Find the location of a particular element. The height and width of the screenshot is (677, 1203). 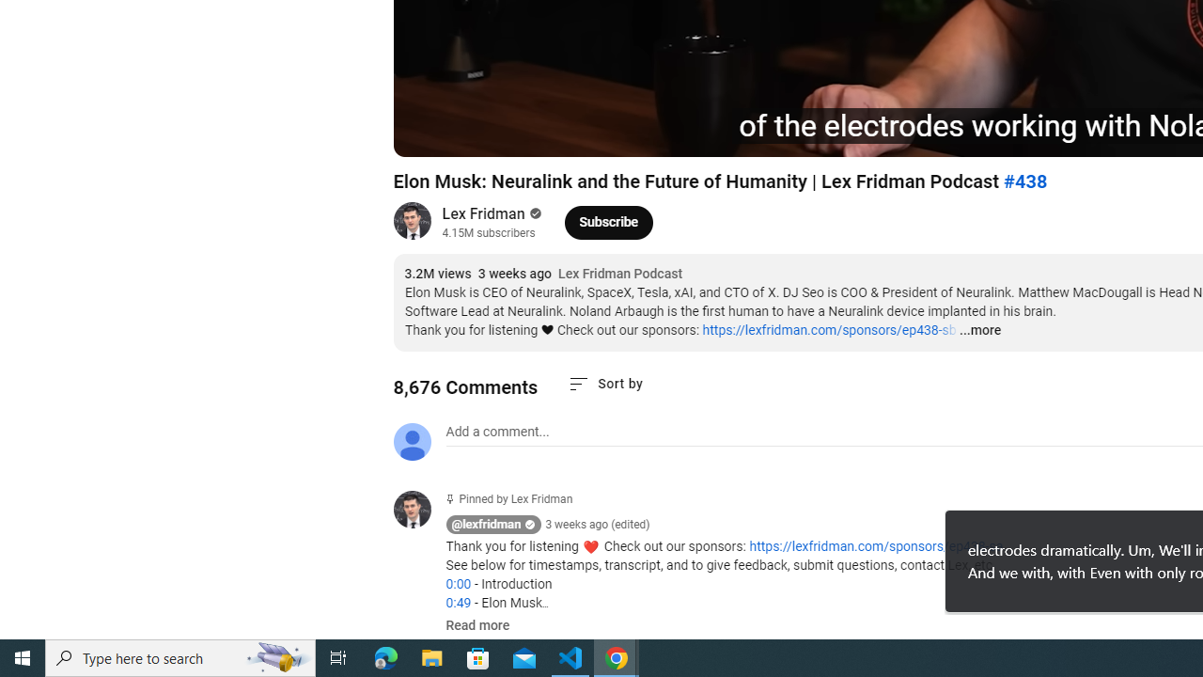

'0:49' is located at coordinates (458, 603).